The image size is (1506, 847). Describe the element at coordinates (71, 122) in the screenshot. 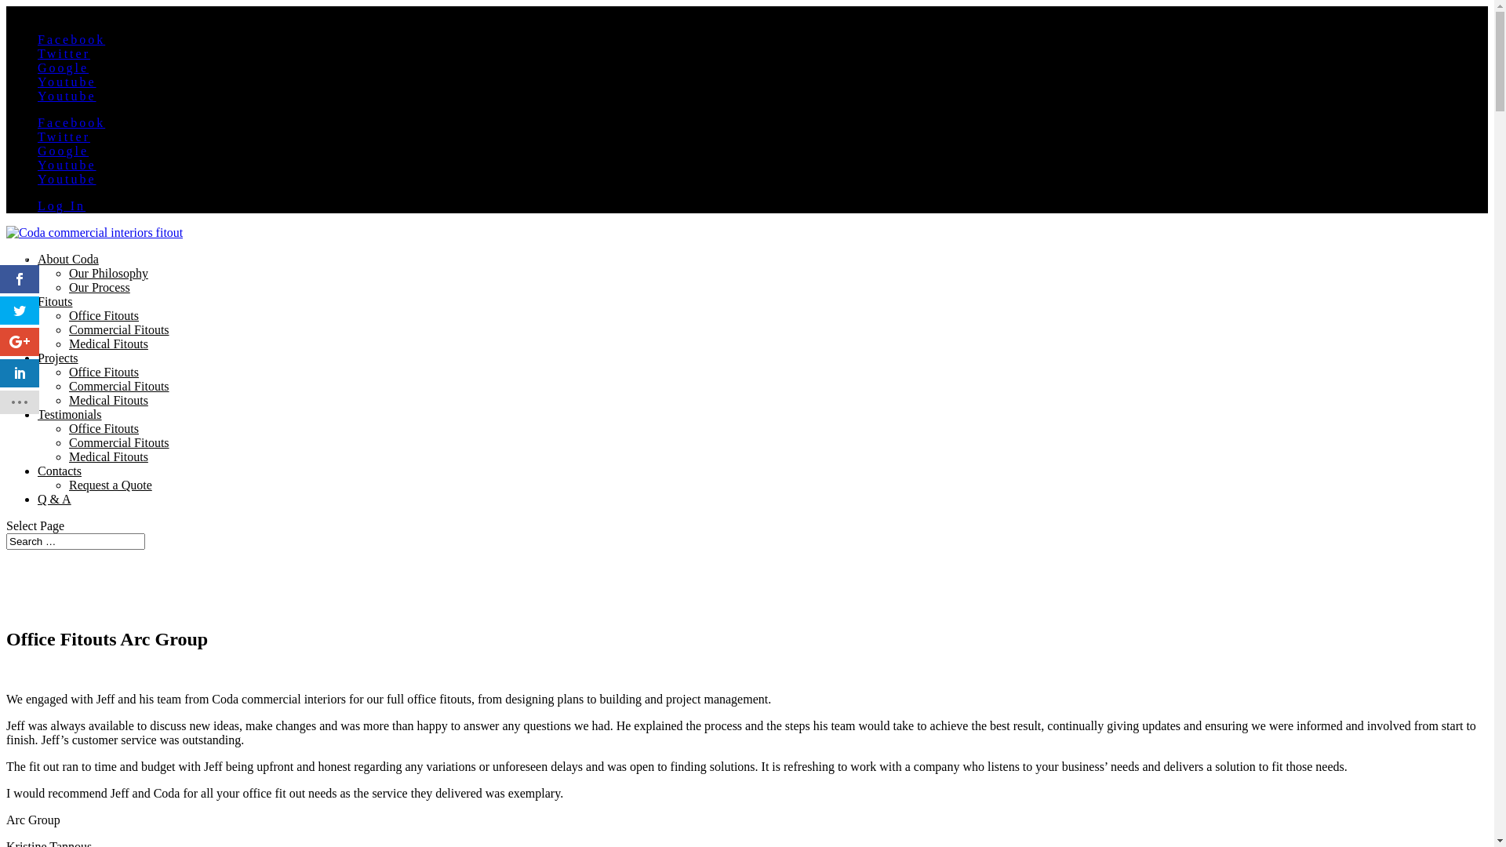

I see `'Facebook'` at that location.